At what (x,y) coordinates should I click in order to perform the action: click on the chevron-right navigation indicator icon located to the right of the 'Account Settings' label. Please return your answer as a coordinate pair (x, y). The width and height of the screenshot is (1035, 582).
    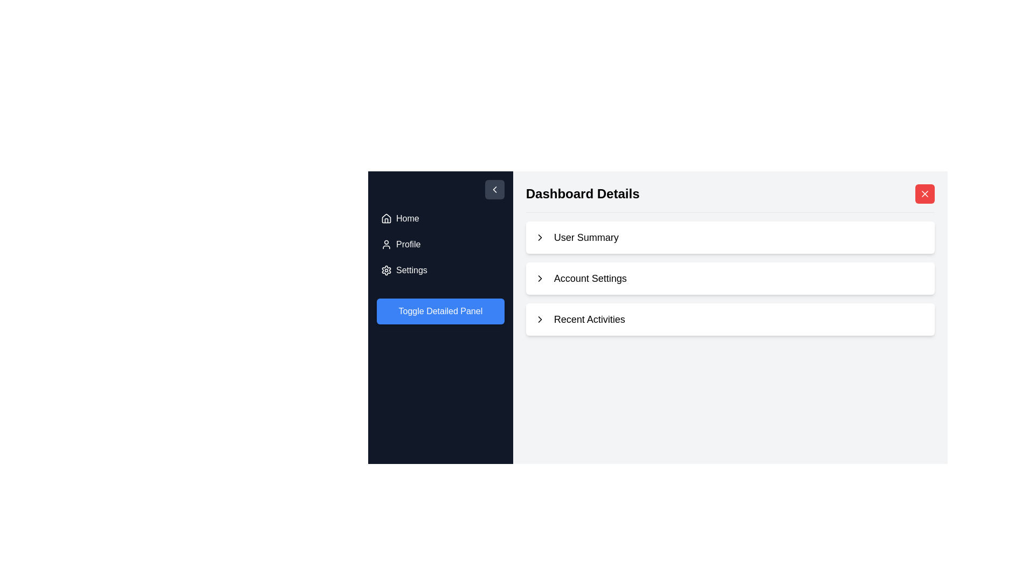
    Looking at the image, I should click on (540, 278).